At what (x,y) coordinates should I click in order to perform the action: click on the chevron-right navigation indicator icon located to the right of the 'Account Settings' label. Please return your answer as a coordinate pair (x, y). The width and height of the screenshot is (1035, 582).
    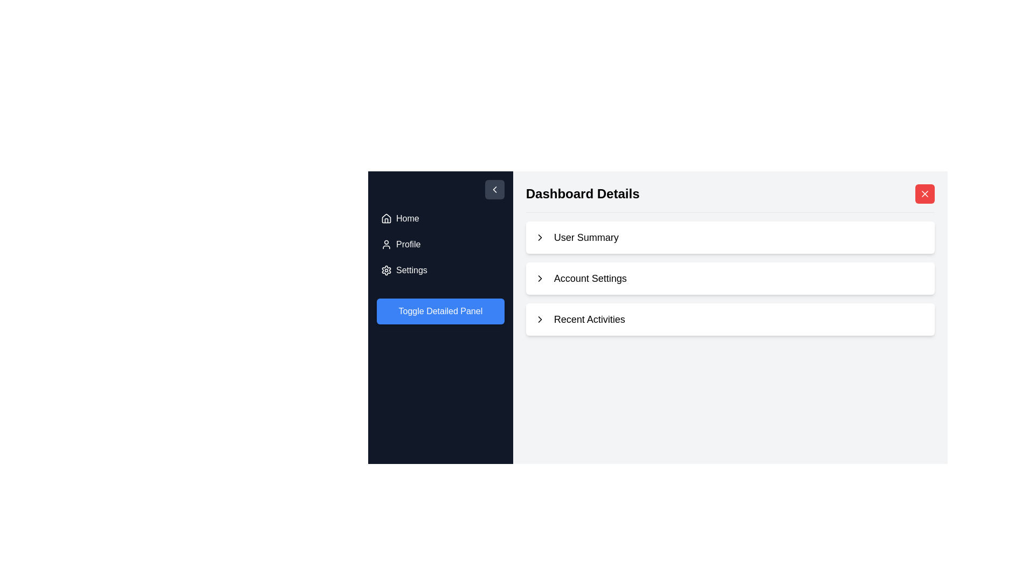
    Looking at the image, I should click on (540, 278).